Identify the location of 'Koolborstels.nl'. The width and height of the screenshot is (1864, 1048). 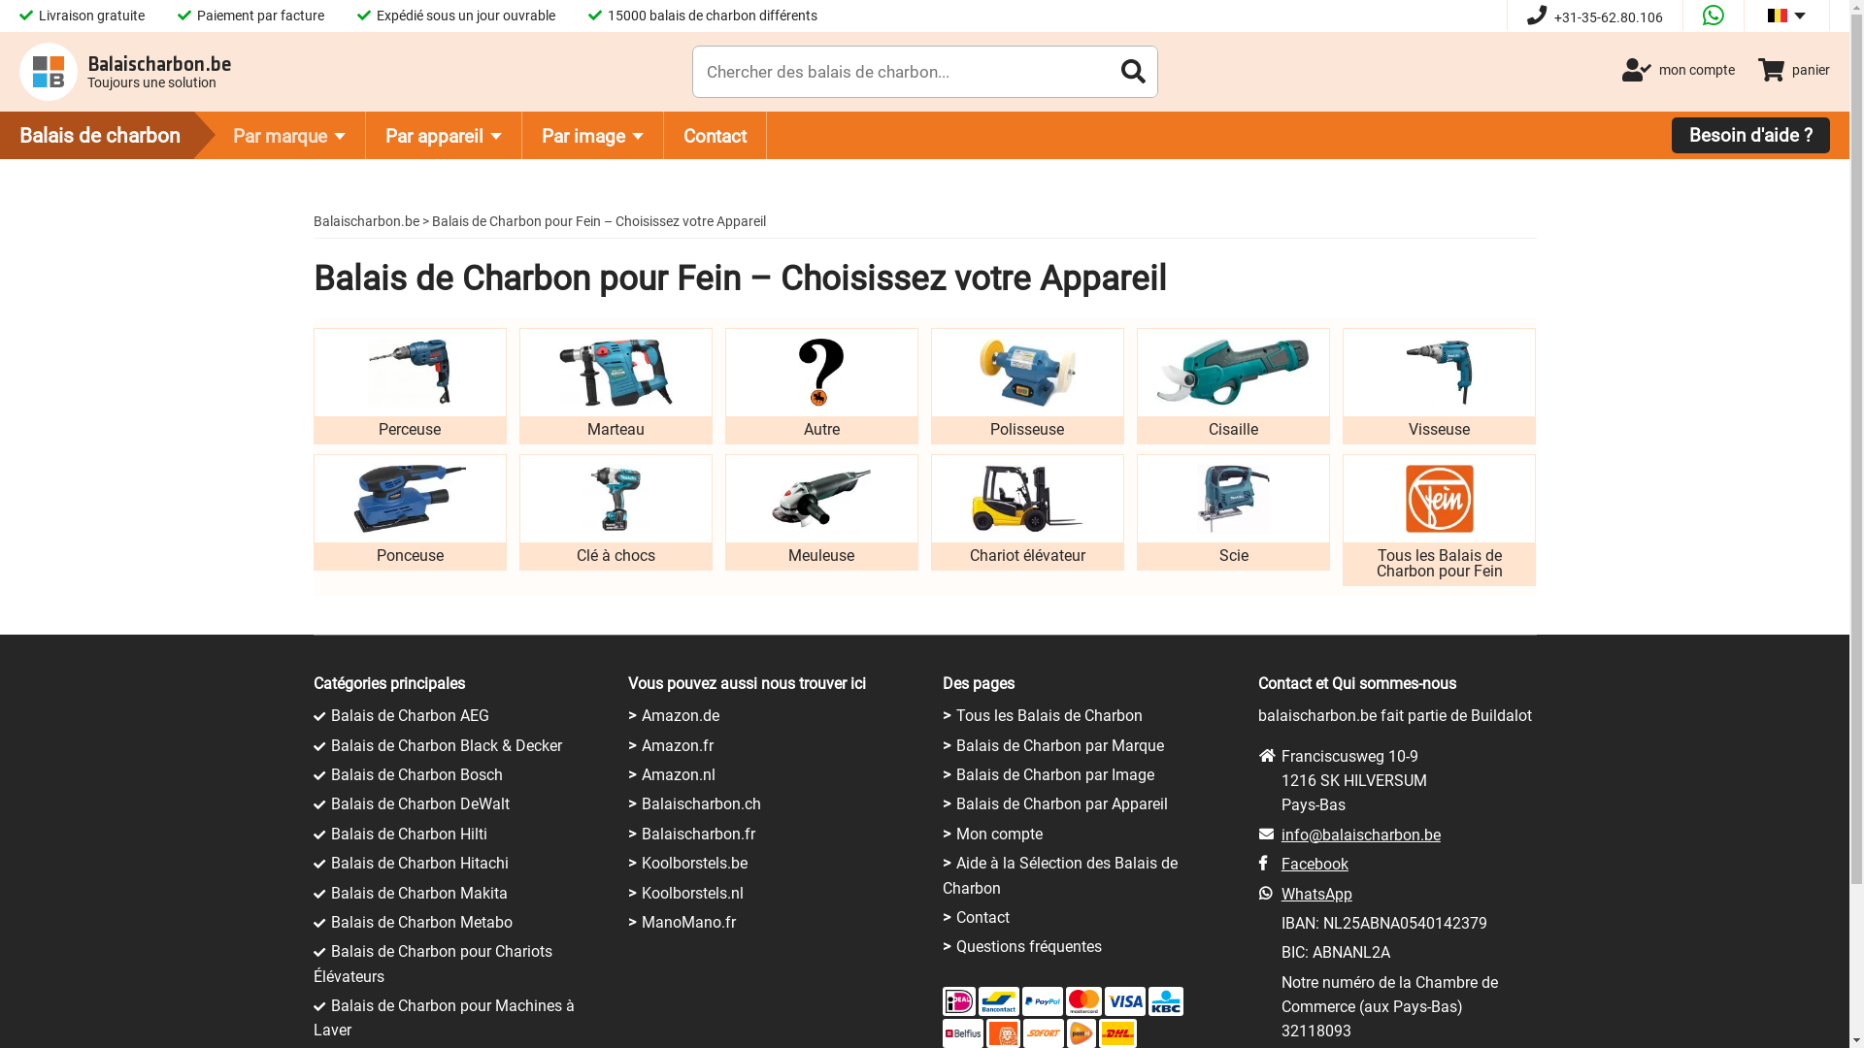
(692, 892).